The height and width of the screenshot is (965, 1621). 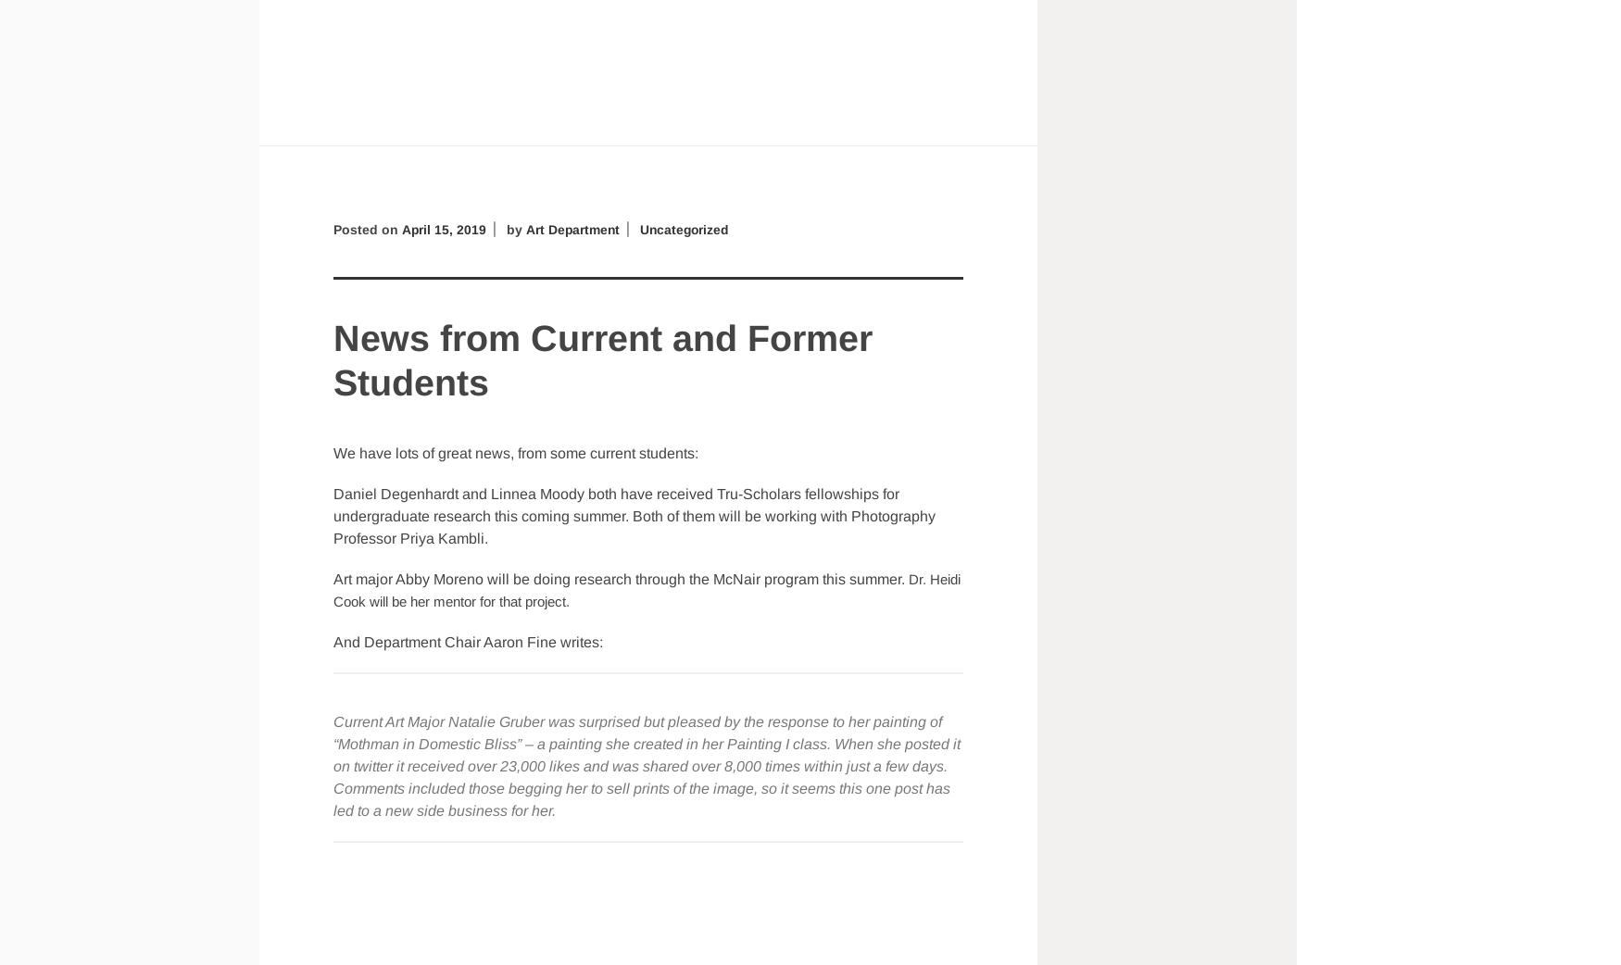 I want to click on 'Posted on', so click(x=366, y=227).